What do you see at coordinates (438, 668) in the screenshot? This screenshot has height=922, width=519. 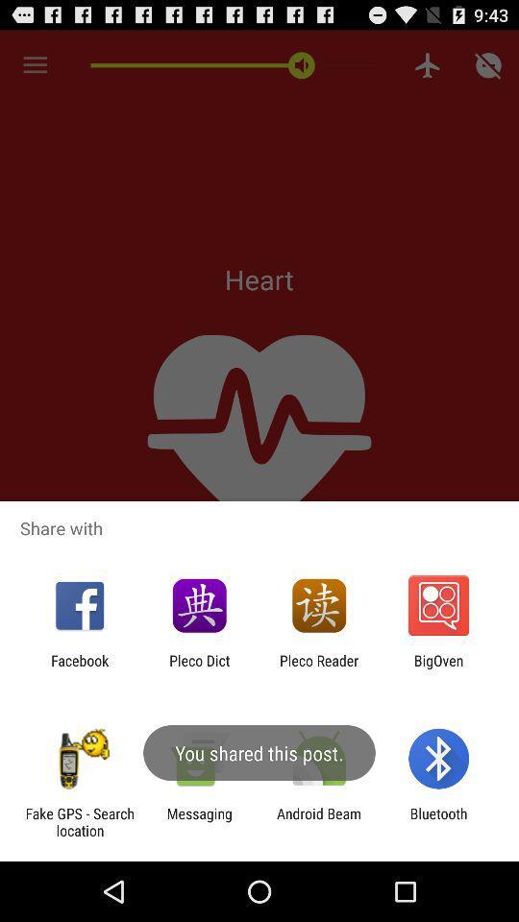 I see `the app next to pleco reader icon` at bounding box center [438, 668].